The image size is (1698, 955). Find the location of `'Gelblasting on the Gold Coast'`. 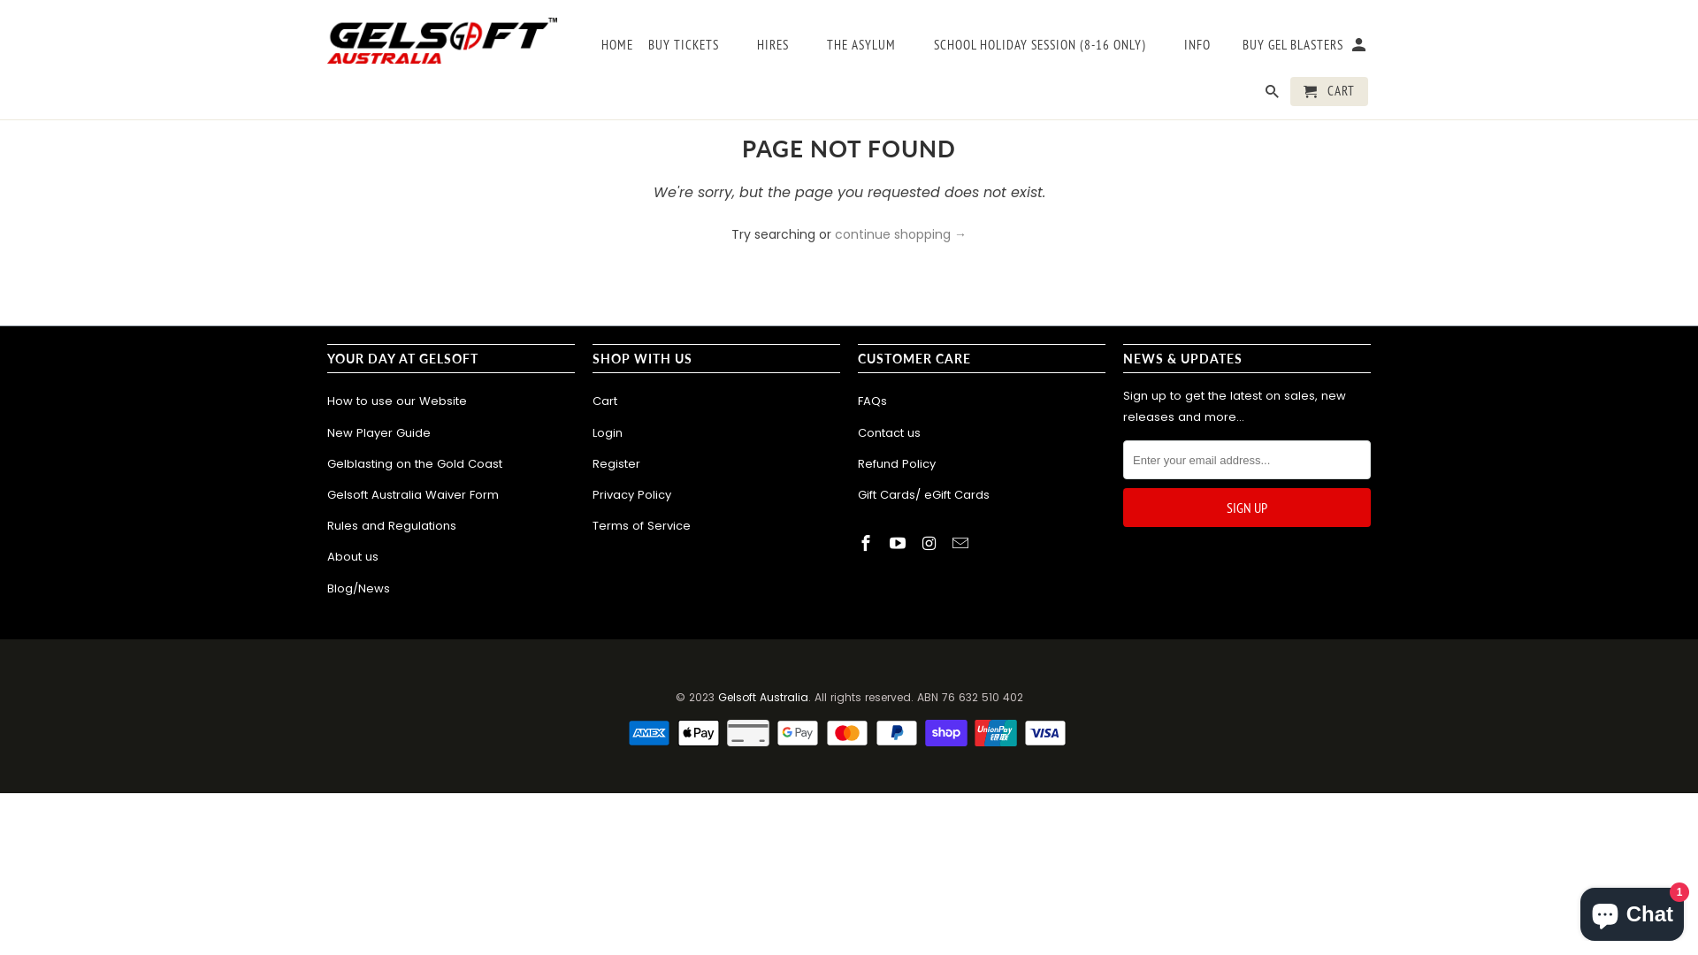

'Gelblasting on the Gold Coast' is located at coordinates (326, 462).